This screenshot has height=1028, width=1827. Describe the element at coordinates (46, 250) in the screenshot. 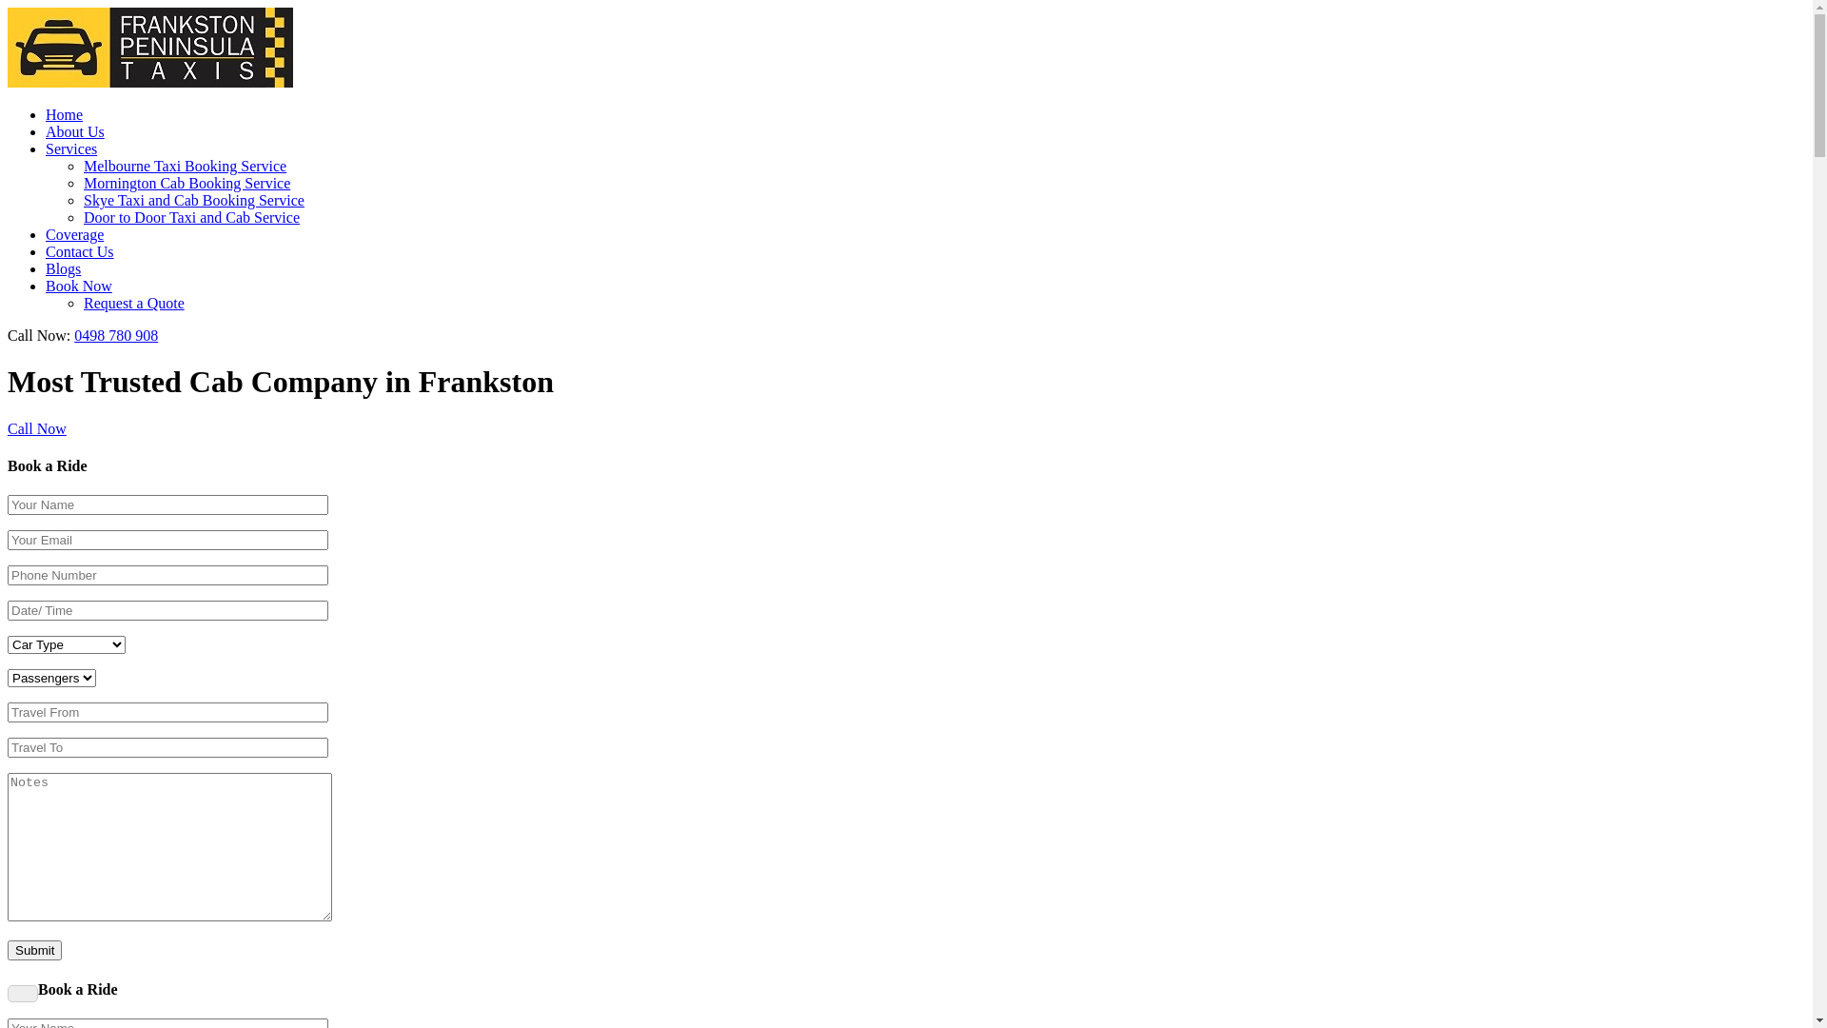

I see `'Contact Us'` at that location.